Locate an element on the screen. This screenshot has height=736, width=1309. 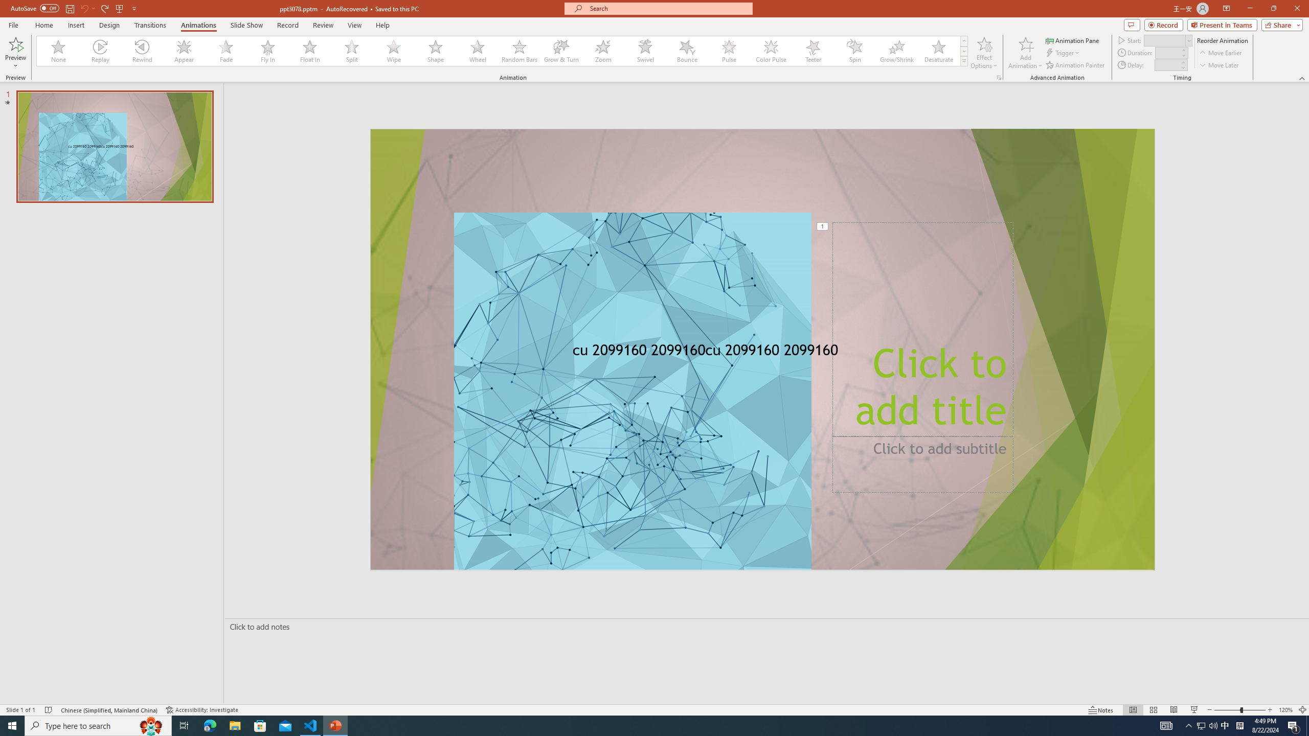
'Replay' is located at coordinates (100, 51).